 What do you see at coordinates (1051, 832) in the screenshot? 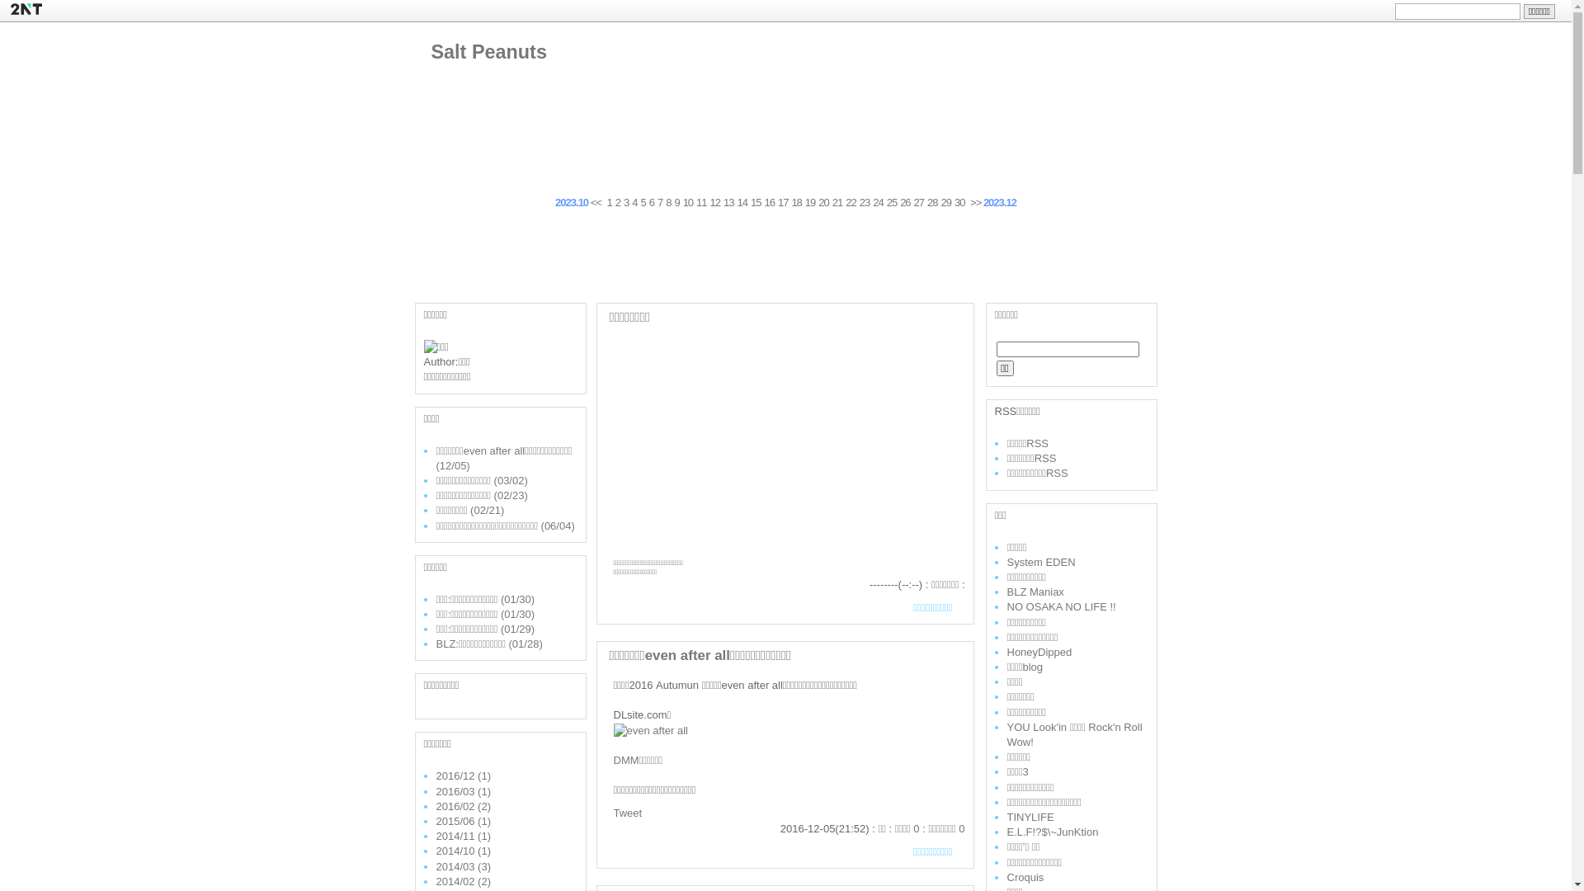
I see `'E.L.F!?$\~JunKtion'` at bounding box center [1051, 832].